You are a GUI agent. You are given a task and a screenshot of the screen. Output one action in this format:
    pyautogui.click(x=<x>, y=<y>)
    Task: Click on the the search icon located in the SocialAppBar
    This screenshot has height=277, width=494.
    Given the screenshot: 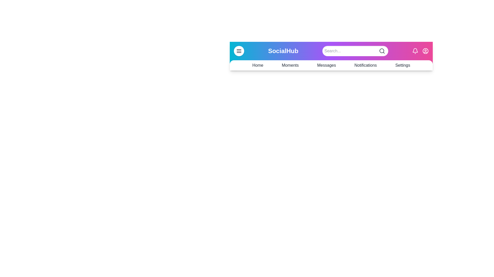 What is the action you would take?
    pyautogui.click(x=382, y=51)
    